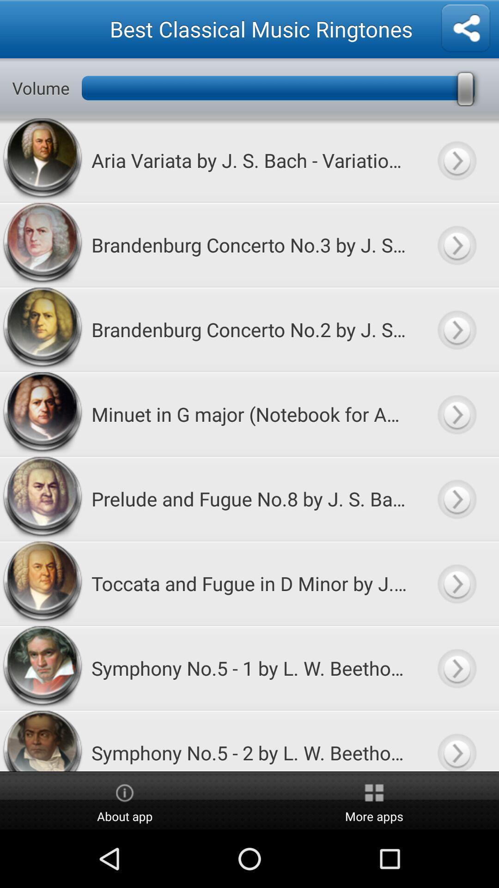 This screenshot has height=888, width=499. What do you see at coordinates (456, 668) in the screenshot?
I see `listen to song` at bounding box center [456, 668].